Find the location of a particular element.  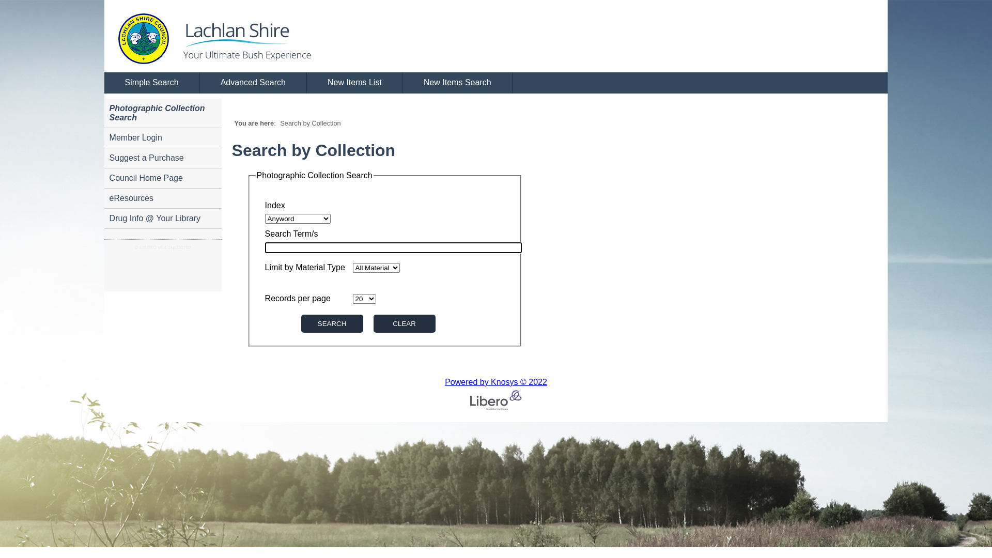

'New Items List' is located at coordinates (354, 83).